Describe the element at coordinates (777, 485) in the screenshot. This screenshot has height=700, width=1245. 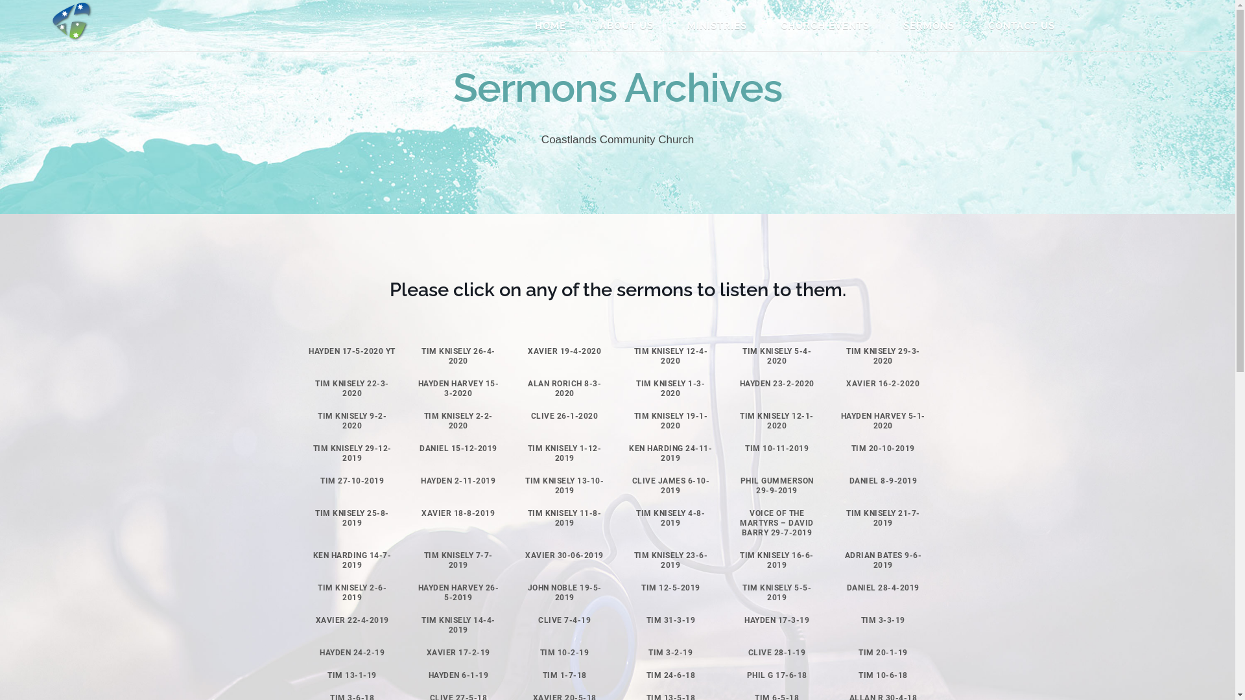
I see `'PHIL GUMMERSON 29-9-2019'` at that location.